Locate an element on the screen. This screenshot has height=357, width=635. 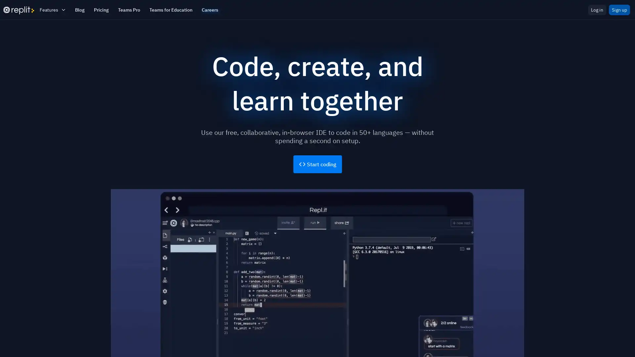
Features is located at coordinates (52, 10).